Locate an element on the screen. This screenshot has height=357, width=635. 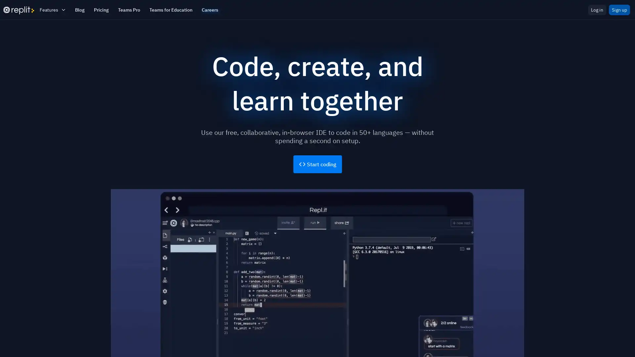
Features is located at coordinates (52, 10).